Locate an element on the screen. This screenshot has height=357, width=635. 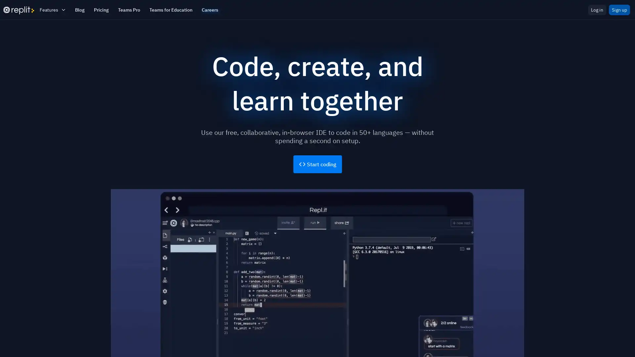
Features is located at coordinates (52, 10).